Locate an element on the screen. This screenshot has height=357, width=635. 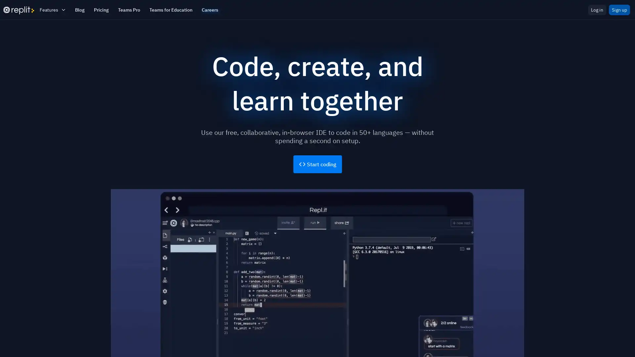
Features is located at coordinates (52, 10).